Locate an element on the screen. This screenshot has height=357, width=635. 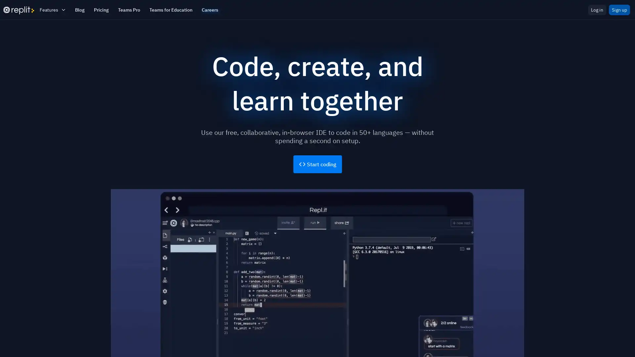
Features is located at coordinates (52, 10).